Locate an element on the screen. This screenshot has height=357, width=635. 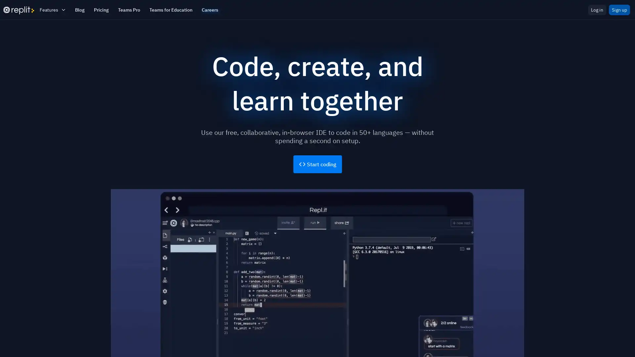
Features is located at coordinates (52, 10).